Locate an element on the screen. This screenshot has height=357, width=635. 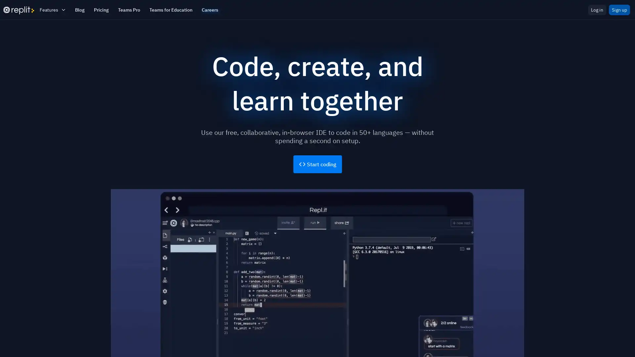
Features is located at coordinates (52, 10).